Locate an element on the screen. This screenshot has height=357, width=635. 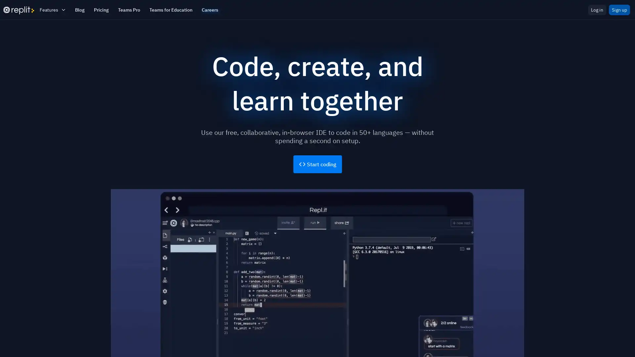
Features is located at coordinates (52, 10).